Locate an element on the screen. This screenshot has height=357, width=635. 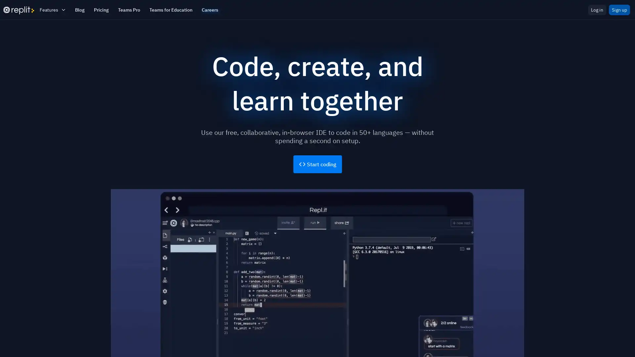
Features is located at coordinates (52, 10).